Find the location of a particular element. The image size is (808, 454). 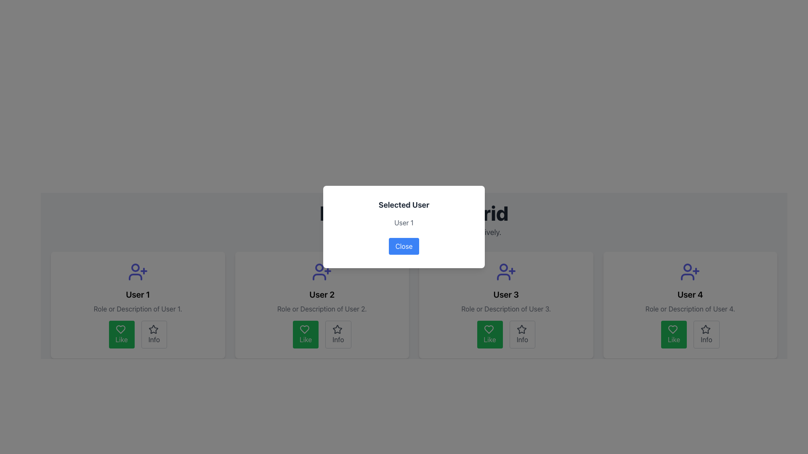

the heart icon on the green 'Like' button located at the bottom-left of the card for 'User 1' is located at coordinates (120, 329).